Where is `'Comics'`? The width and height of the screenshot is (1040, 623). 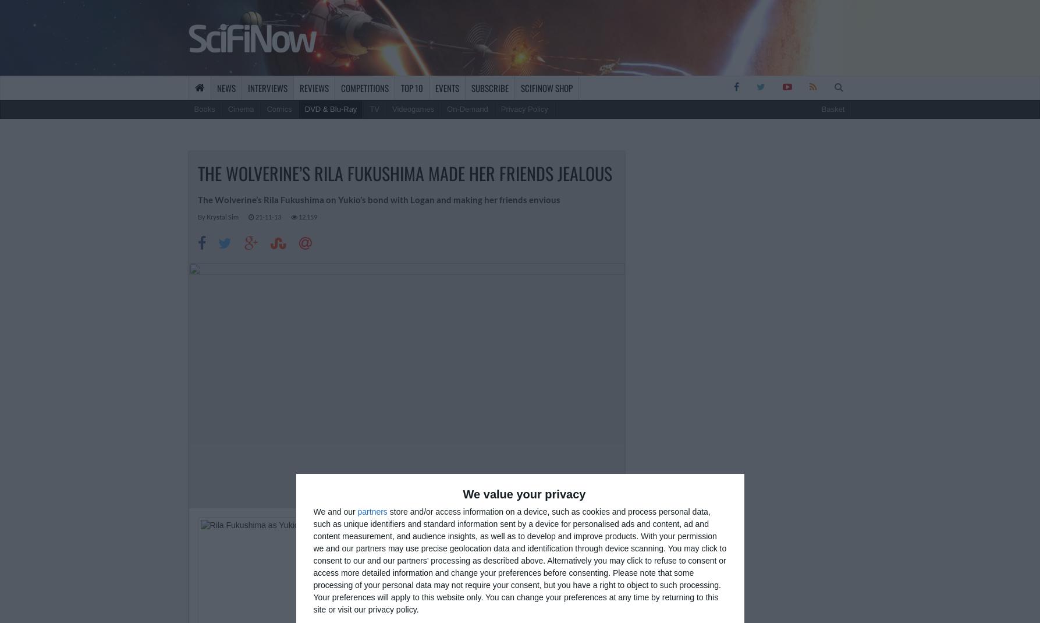 'Comics' is located at coordinates (279, 108).